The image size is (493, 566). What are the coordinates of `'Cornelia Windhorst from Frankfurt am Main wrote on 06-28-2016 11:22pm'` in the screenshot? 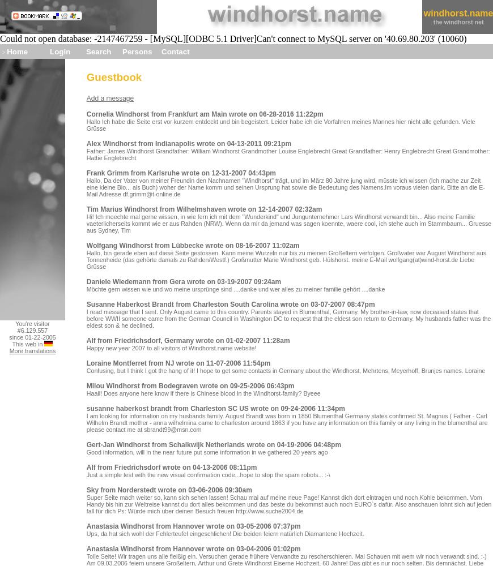 It's located at (204, 114).